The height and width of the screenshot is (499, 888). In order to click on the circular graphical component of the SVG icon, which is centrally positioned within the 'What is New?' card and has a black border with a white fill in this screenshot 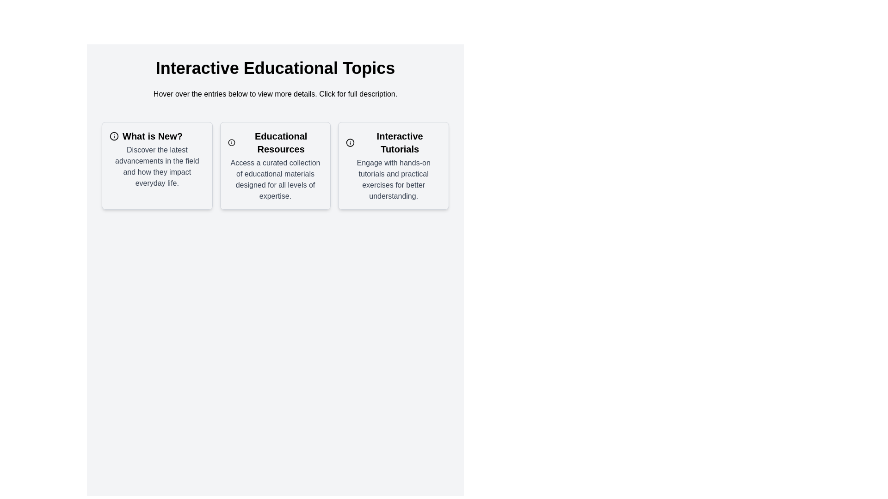, I will do `click(113, 136)`.